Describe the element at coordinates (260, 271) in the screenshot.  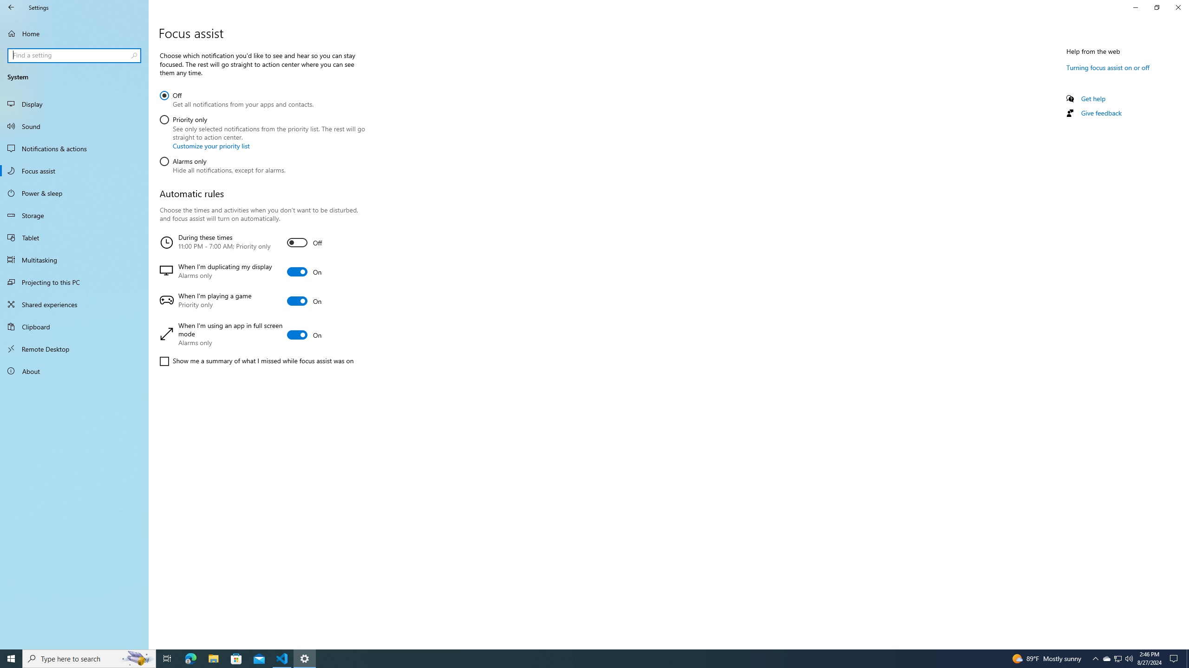
I see `'When I'` at that location.